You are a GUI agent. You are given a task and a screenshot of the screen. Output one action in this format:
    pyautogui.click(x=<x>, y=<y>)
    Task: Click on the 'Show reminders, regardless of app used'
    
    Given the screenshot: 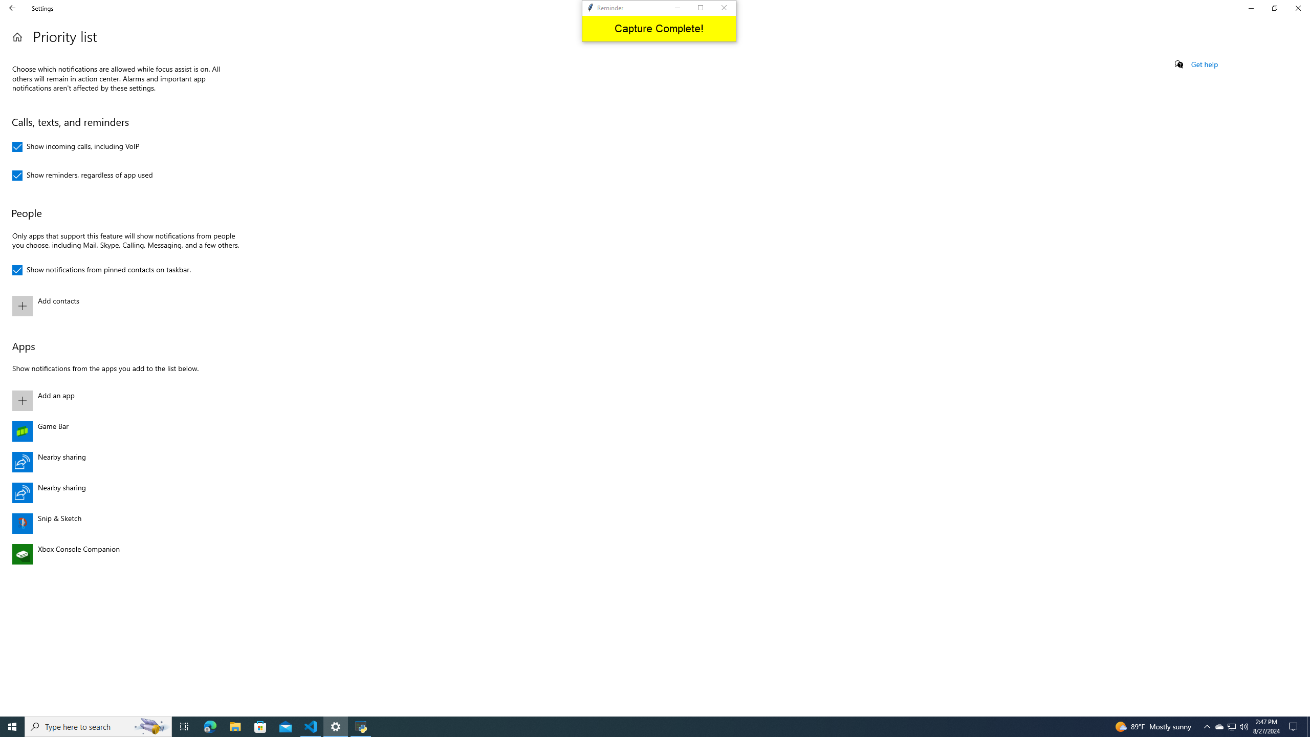 What is the action you would take?
    pyautogui.click(x=82, y=175)
    